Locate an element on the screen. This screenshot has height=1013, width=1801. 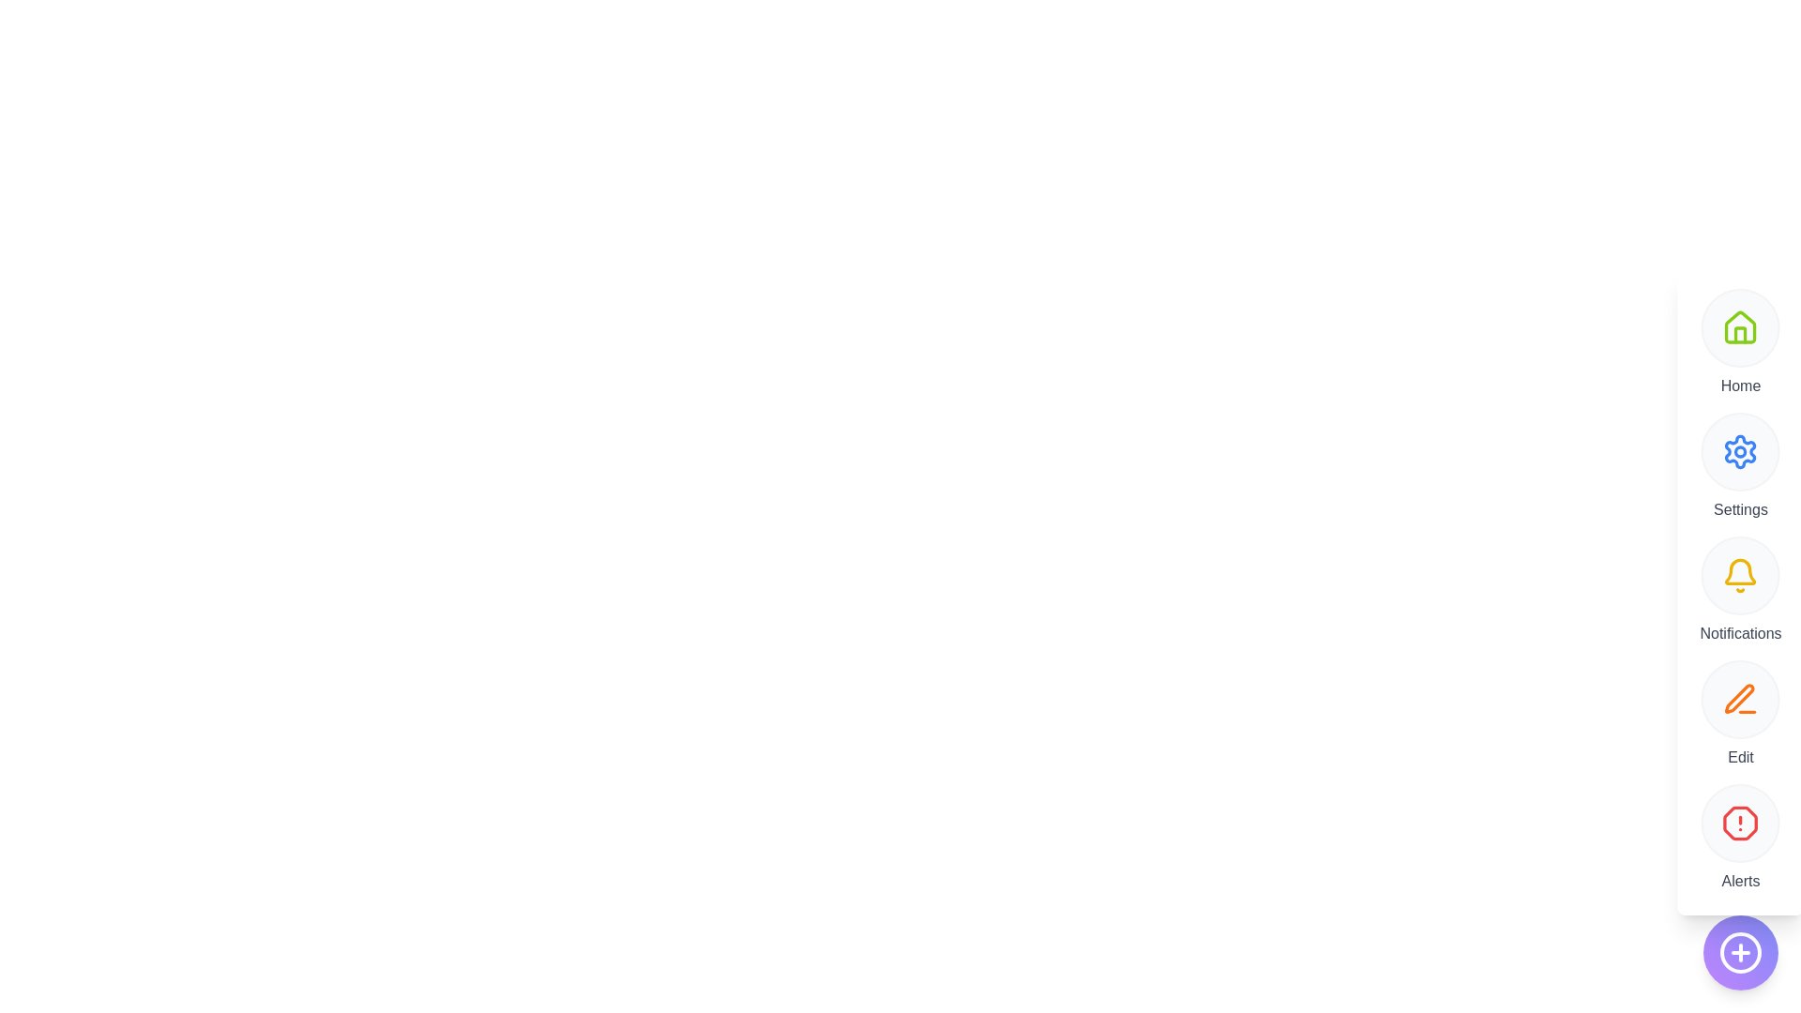
the Notifications button to trigger its functionality is located at coordinates (1740, 574).